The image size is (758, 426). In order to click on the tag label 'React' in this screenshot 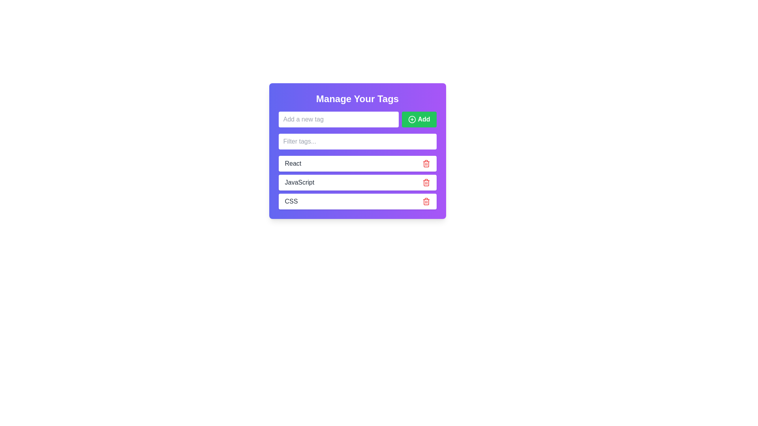, I will do `click(293, 163)`.